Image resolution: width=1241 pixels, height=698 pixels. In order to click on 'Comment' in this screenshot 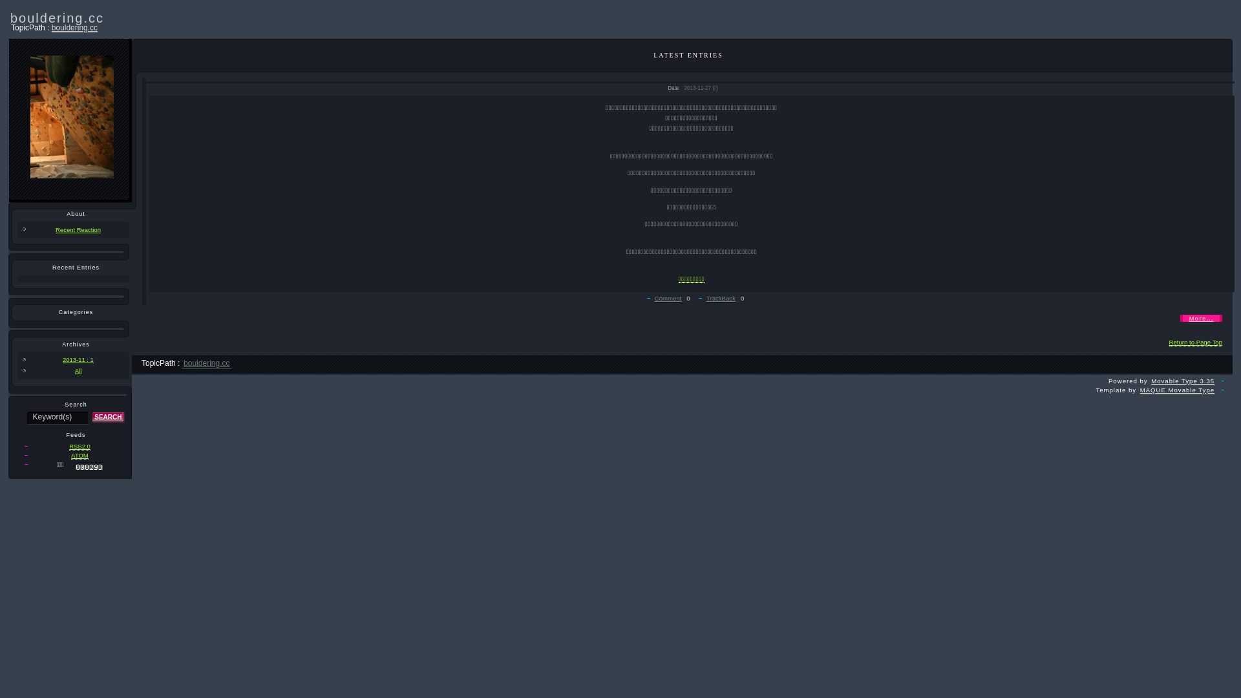, I will do `click(668, 299)`.